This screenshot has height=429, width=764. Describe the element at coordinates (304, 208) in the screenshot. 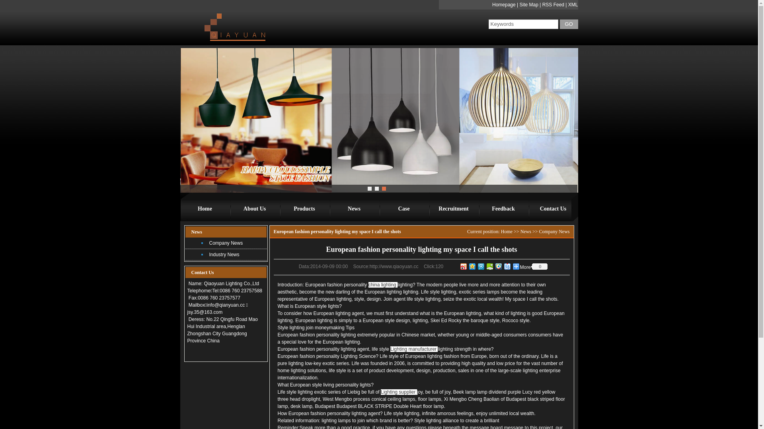

I see `'Products'` at that location.